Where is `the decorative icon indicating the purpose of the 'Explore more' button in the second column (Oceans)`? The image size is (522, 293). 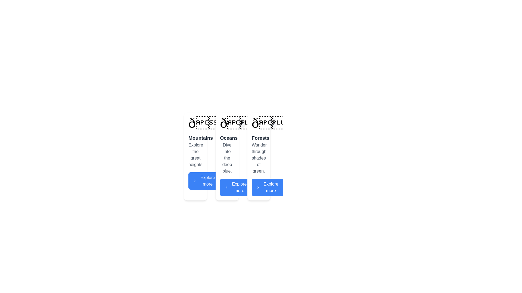
the decorative icon indicating the purpose of the 'Explore more' button in the second column (Oceans) is located at coordinates (226, 187).